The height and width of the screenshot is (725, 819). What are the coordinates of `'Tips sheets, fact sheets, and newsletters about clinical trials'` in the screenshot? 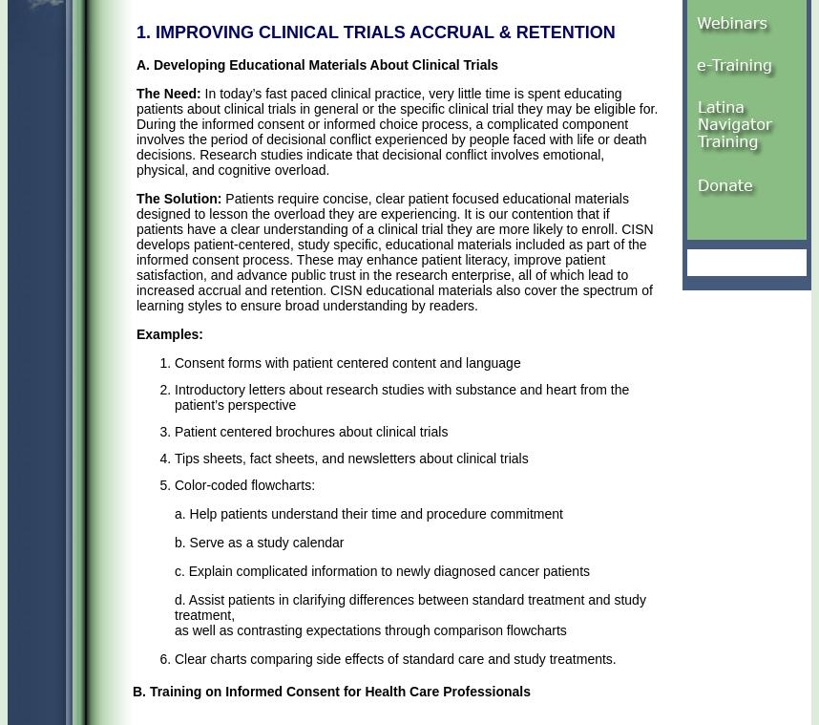 It's located at (350, 458).